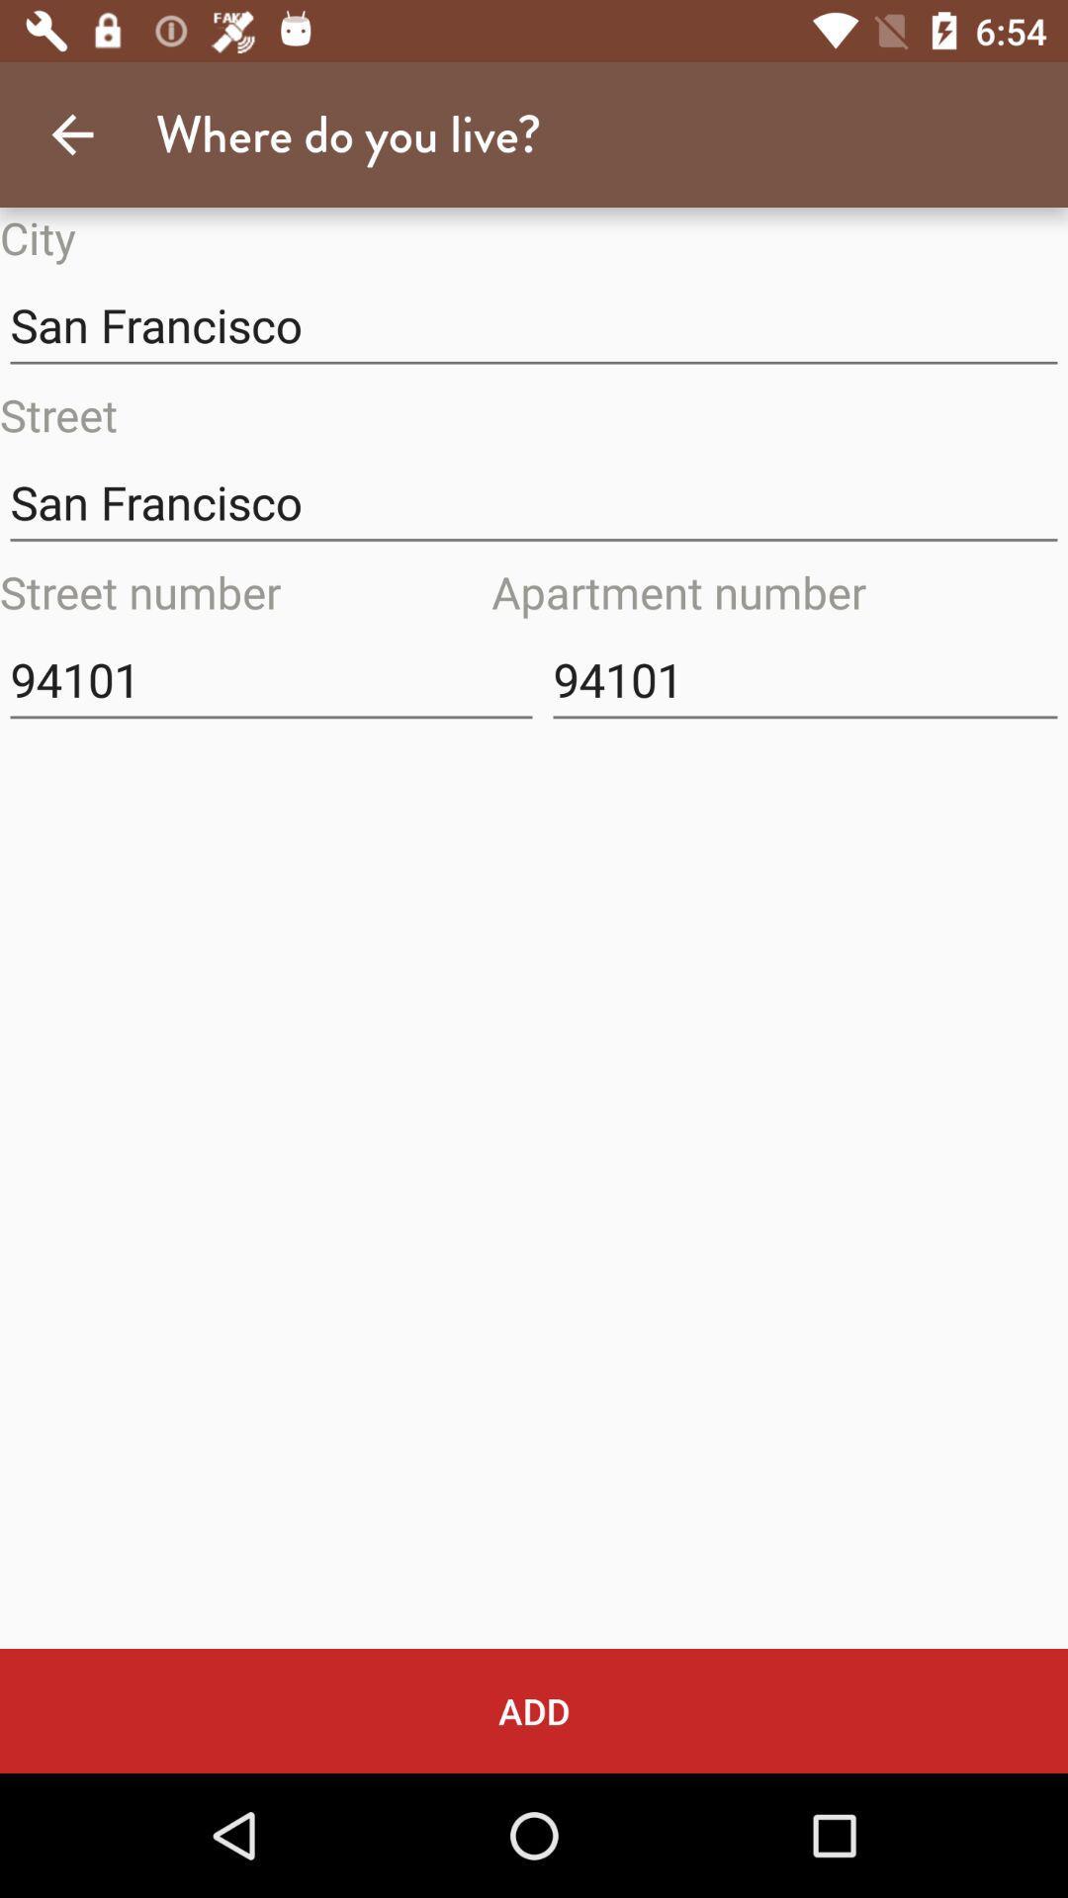 The height and width of the screenshot is (1898, 1068). What do you see at coordinates (71, 133) in the screenshot?
I see `icon next to where do you` at bounding box center [71, 133].